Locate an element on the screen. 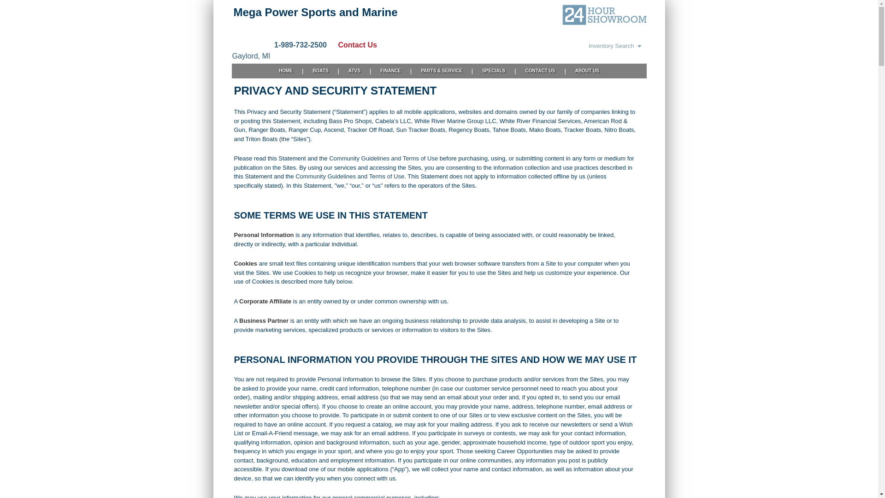 Image resolution: width=885 pixels, height=498 pixels. 'CONTACT US' is located at coordinates (540, 71).